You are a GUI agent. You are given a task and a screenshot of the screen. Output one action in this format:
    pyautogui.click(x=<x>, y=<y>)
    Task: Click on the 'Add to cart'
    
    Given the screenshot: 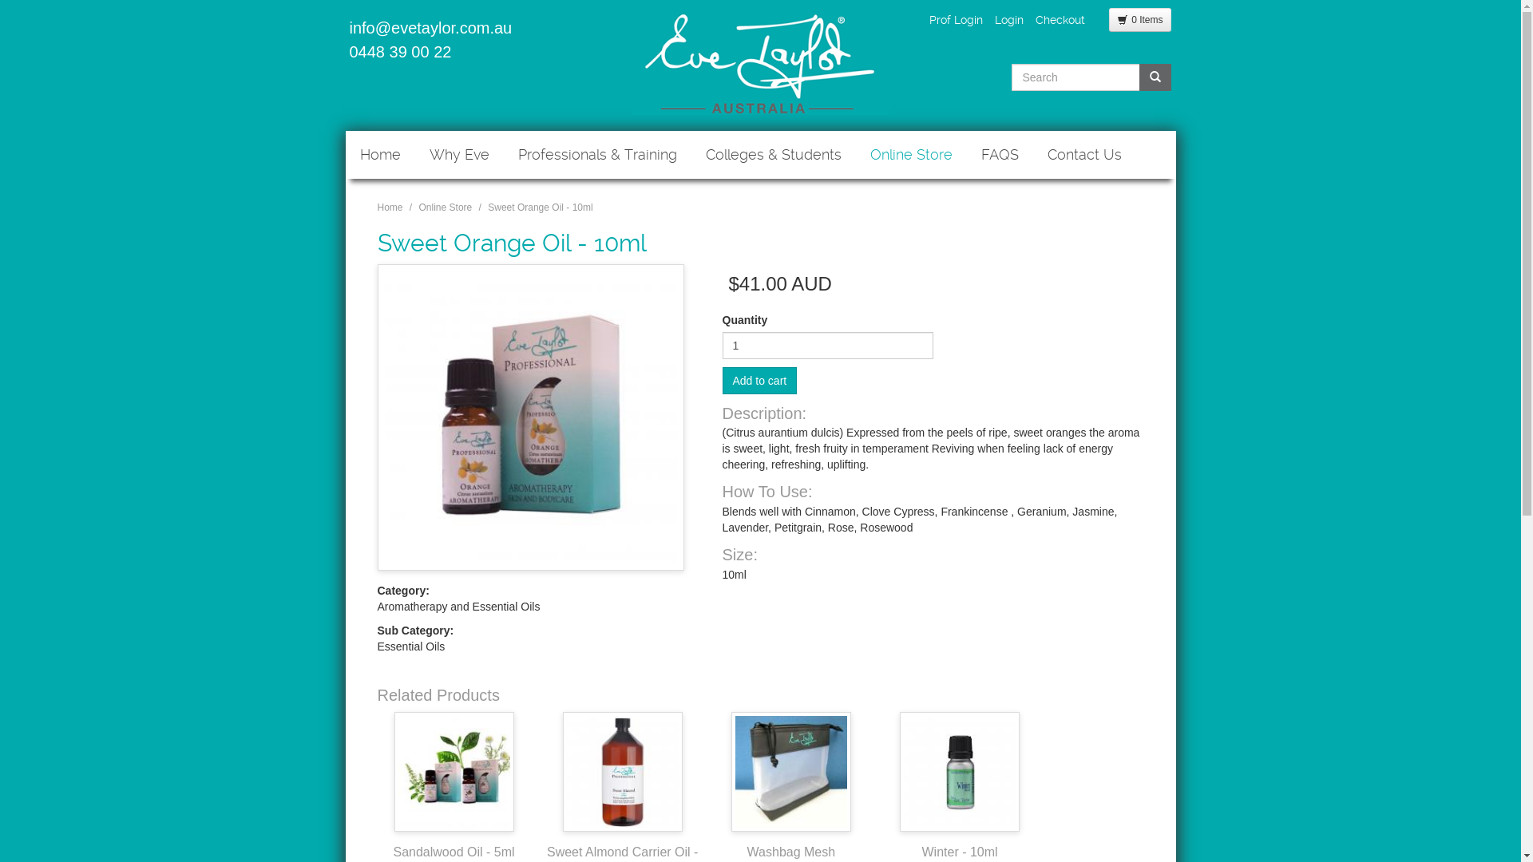 What is the action you would take?
    pyautogui.click(x=758, y=381)
    